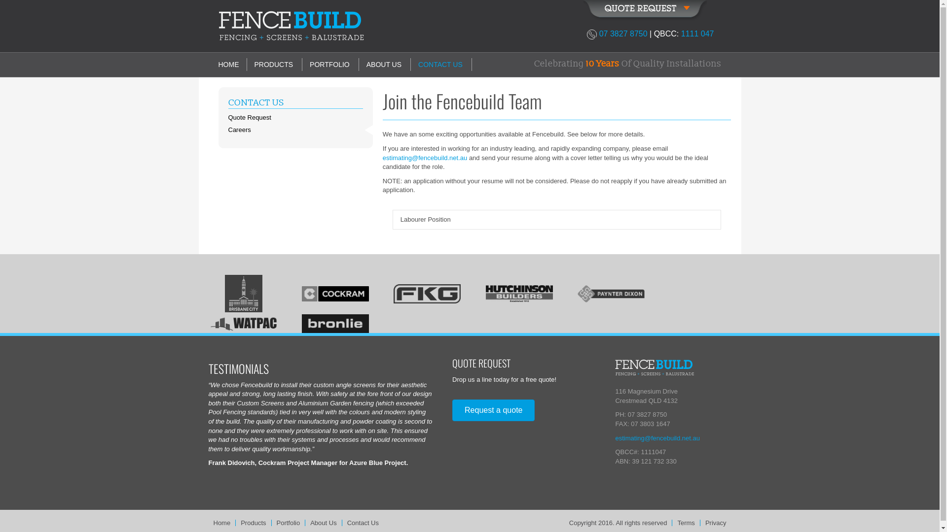 The width and height of the screenshot is (947, 532). What do you see at coordinates (329, 65) in the screenshot?
I see `'PORTFOLIO'` at bounding box center [329, 65].